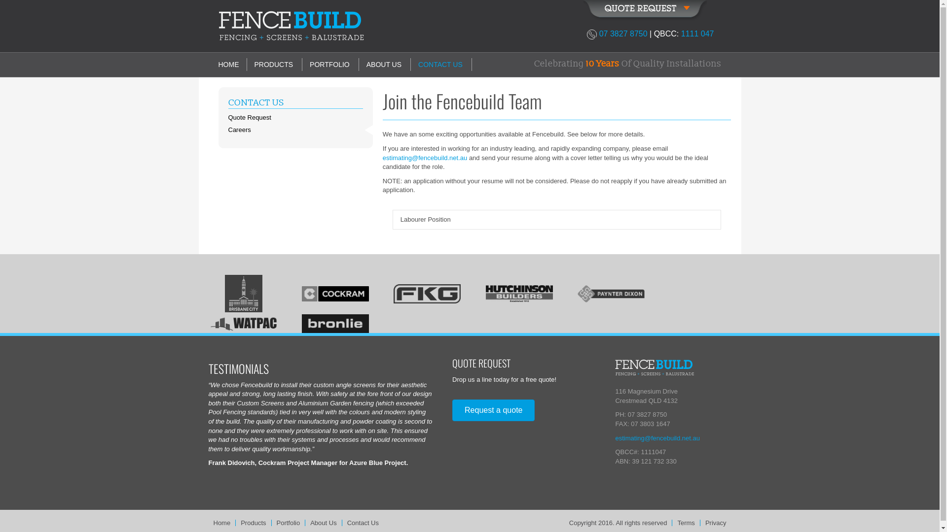 The width and height of the screenshot is (947, 532). What do you see at coordinates (329, 65) in the screenshot?
I see `'PORTFOLIO'` at bounding box center [329, 65].